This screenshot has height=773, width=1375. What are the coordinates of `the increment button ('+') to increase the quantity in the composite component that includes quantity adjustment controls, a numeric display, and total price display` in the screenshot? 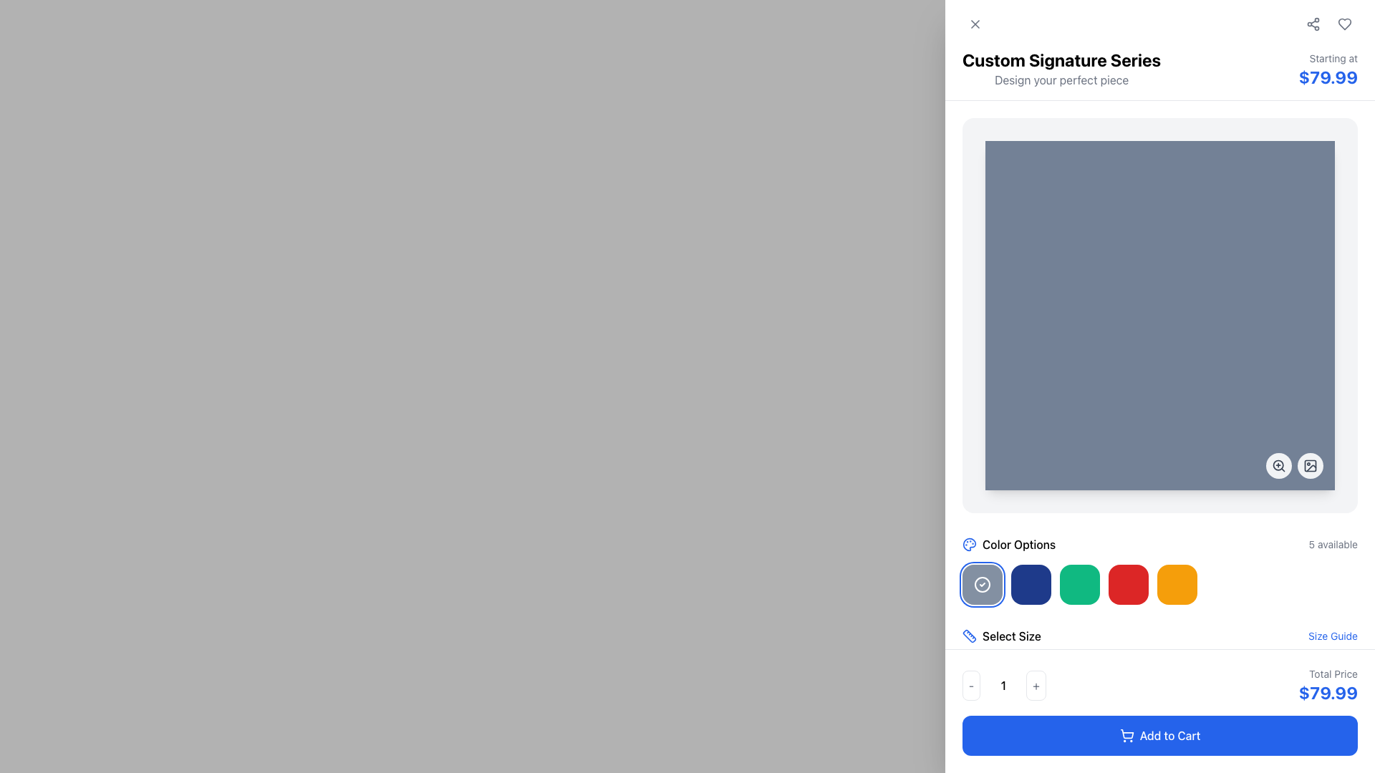 It's located at (1160, 684).